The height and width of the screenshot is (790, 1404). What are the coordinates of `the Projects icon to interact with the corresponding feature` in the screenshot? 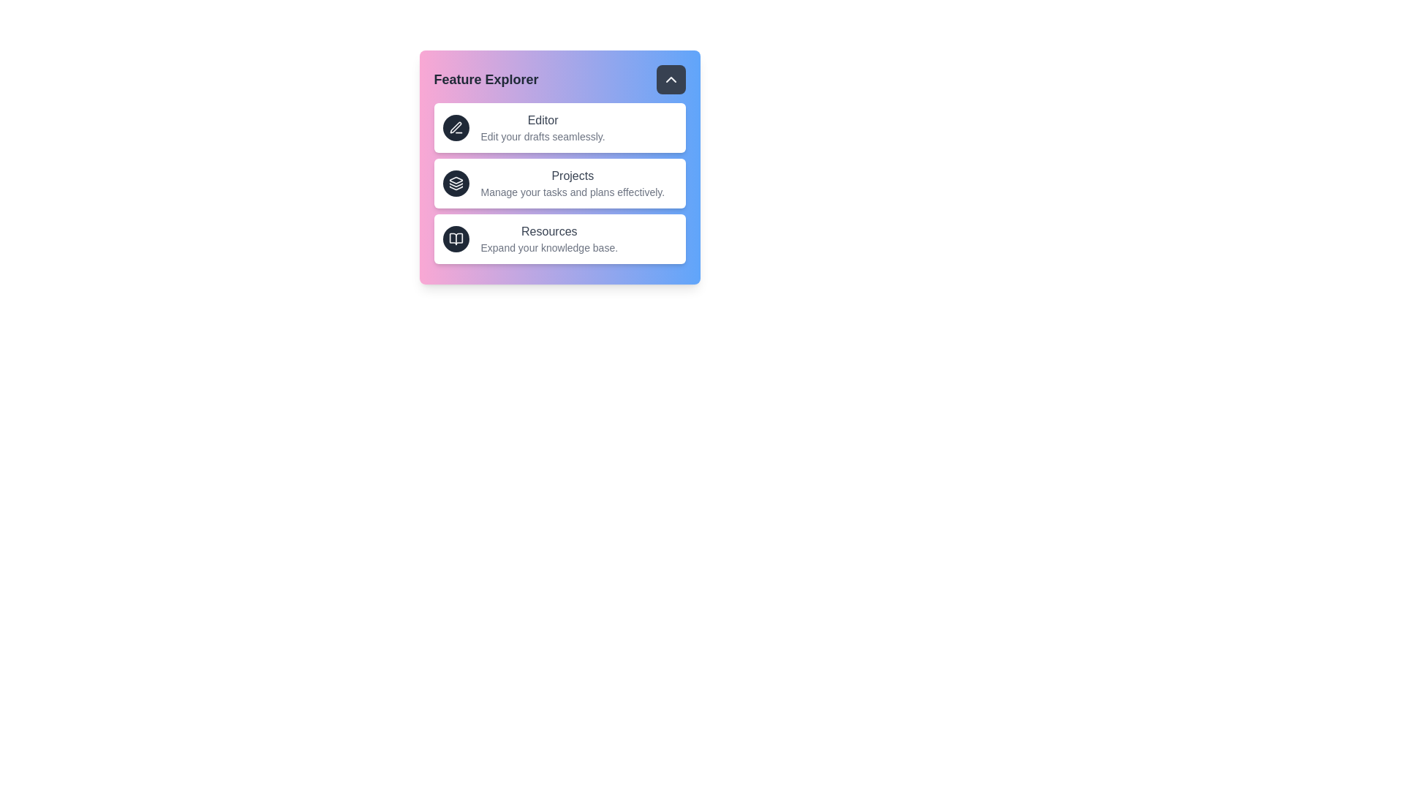 It's located at (455, 182).